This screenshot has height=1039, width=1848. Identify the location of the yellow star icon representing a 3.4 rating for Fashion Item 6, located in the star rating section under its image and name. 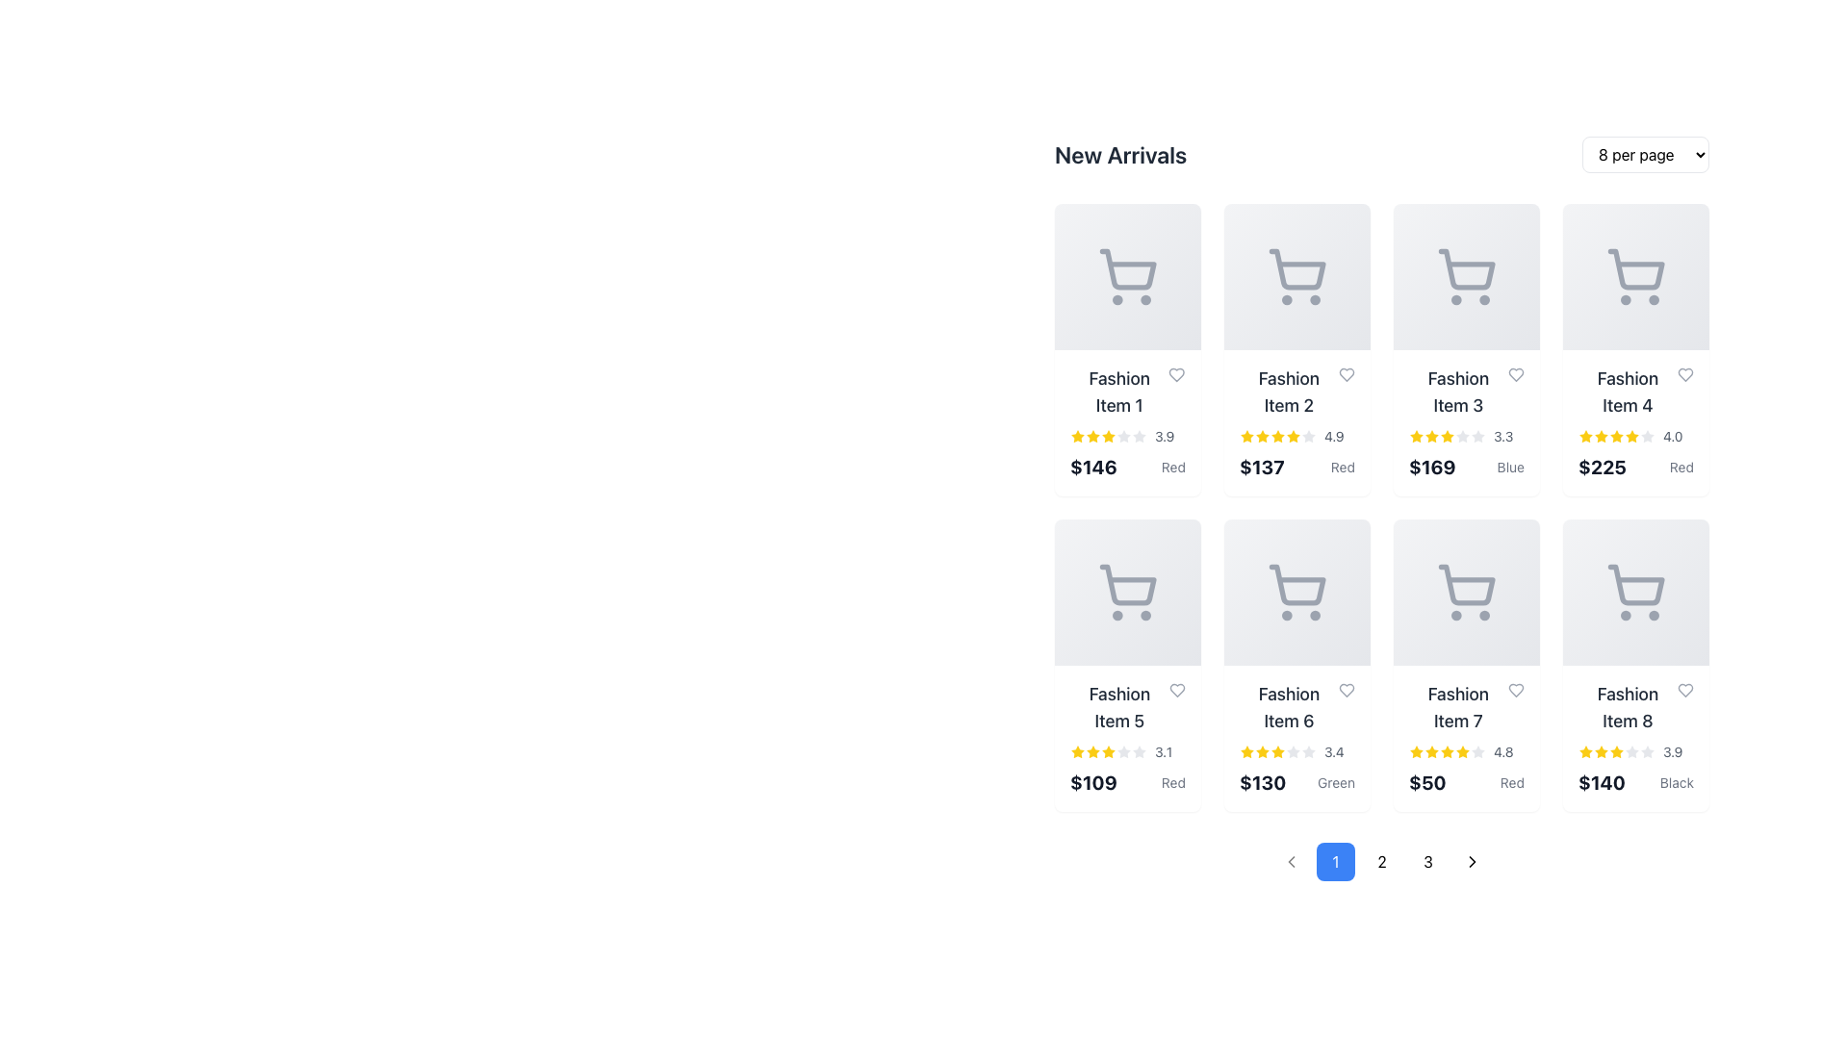
(1262, 750).